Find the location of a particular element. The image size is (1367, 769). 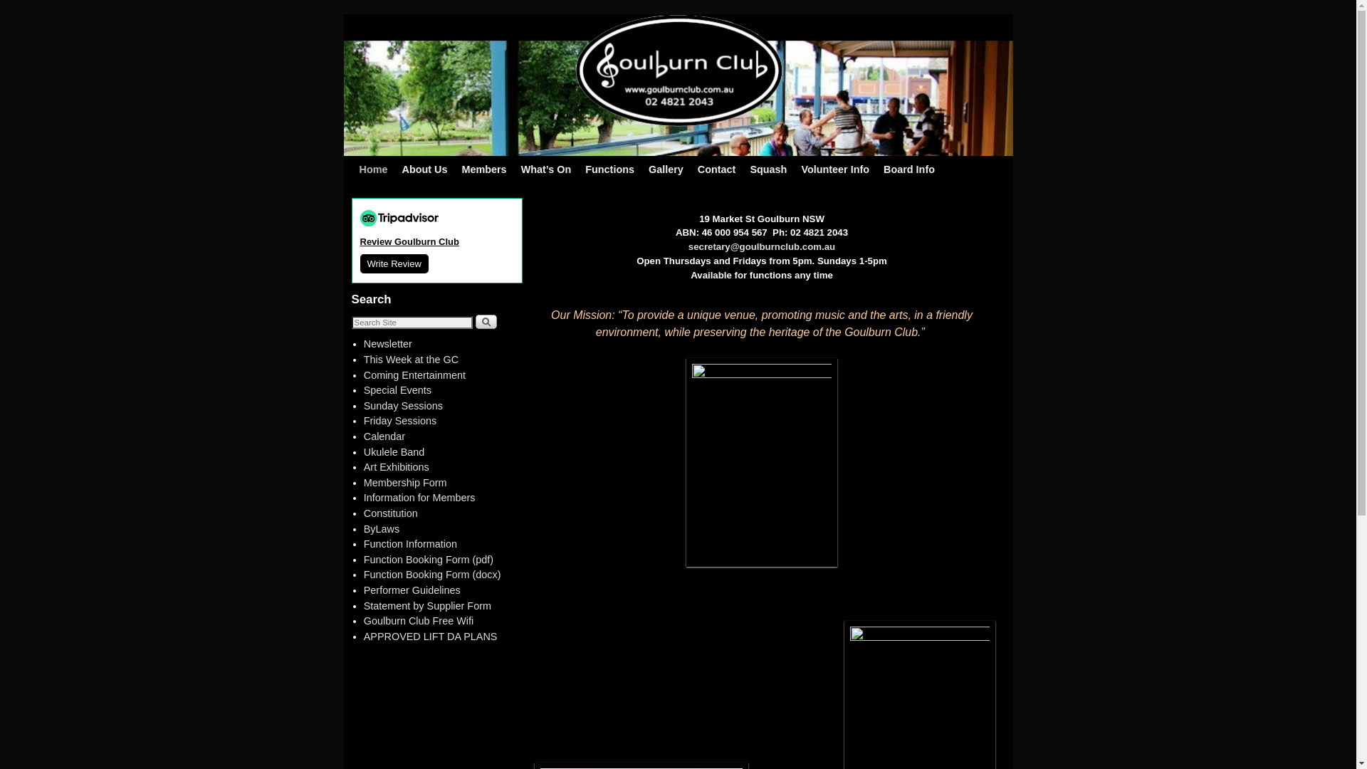

'Skip to secondary content' is located at coordinates (342, 161).